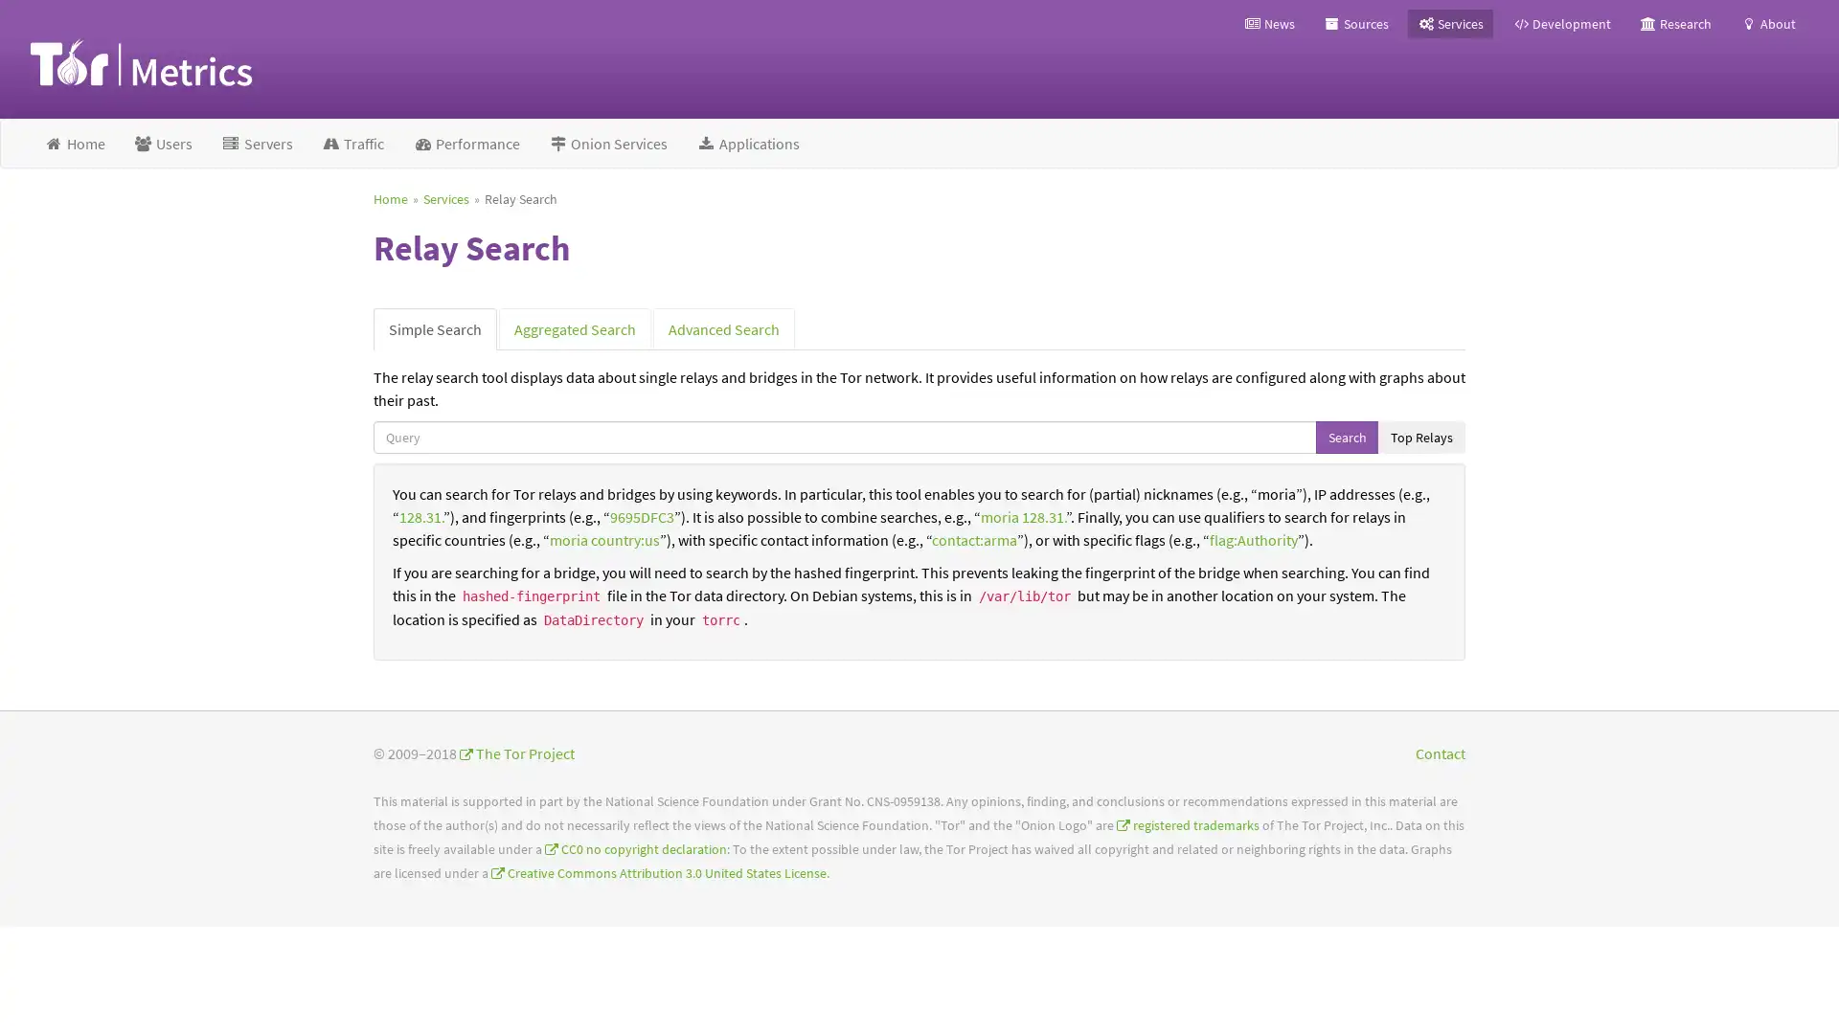 The height and width of the screenshot is (1034, 1839). What do you see at coordinates (1421, 437) in the screenshot?
I see `Top Relays` at bounding box center [1421, 437].